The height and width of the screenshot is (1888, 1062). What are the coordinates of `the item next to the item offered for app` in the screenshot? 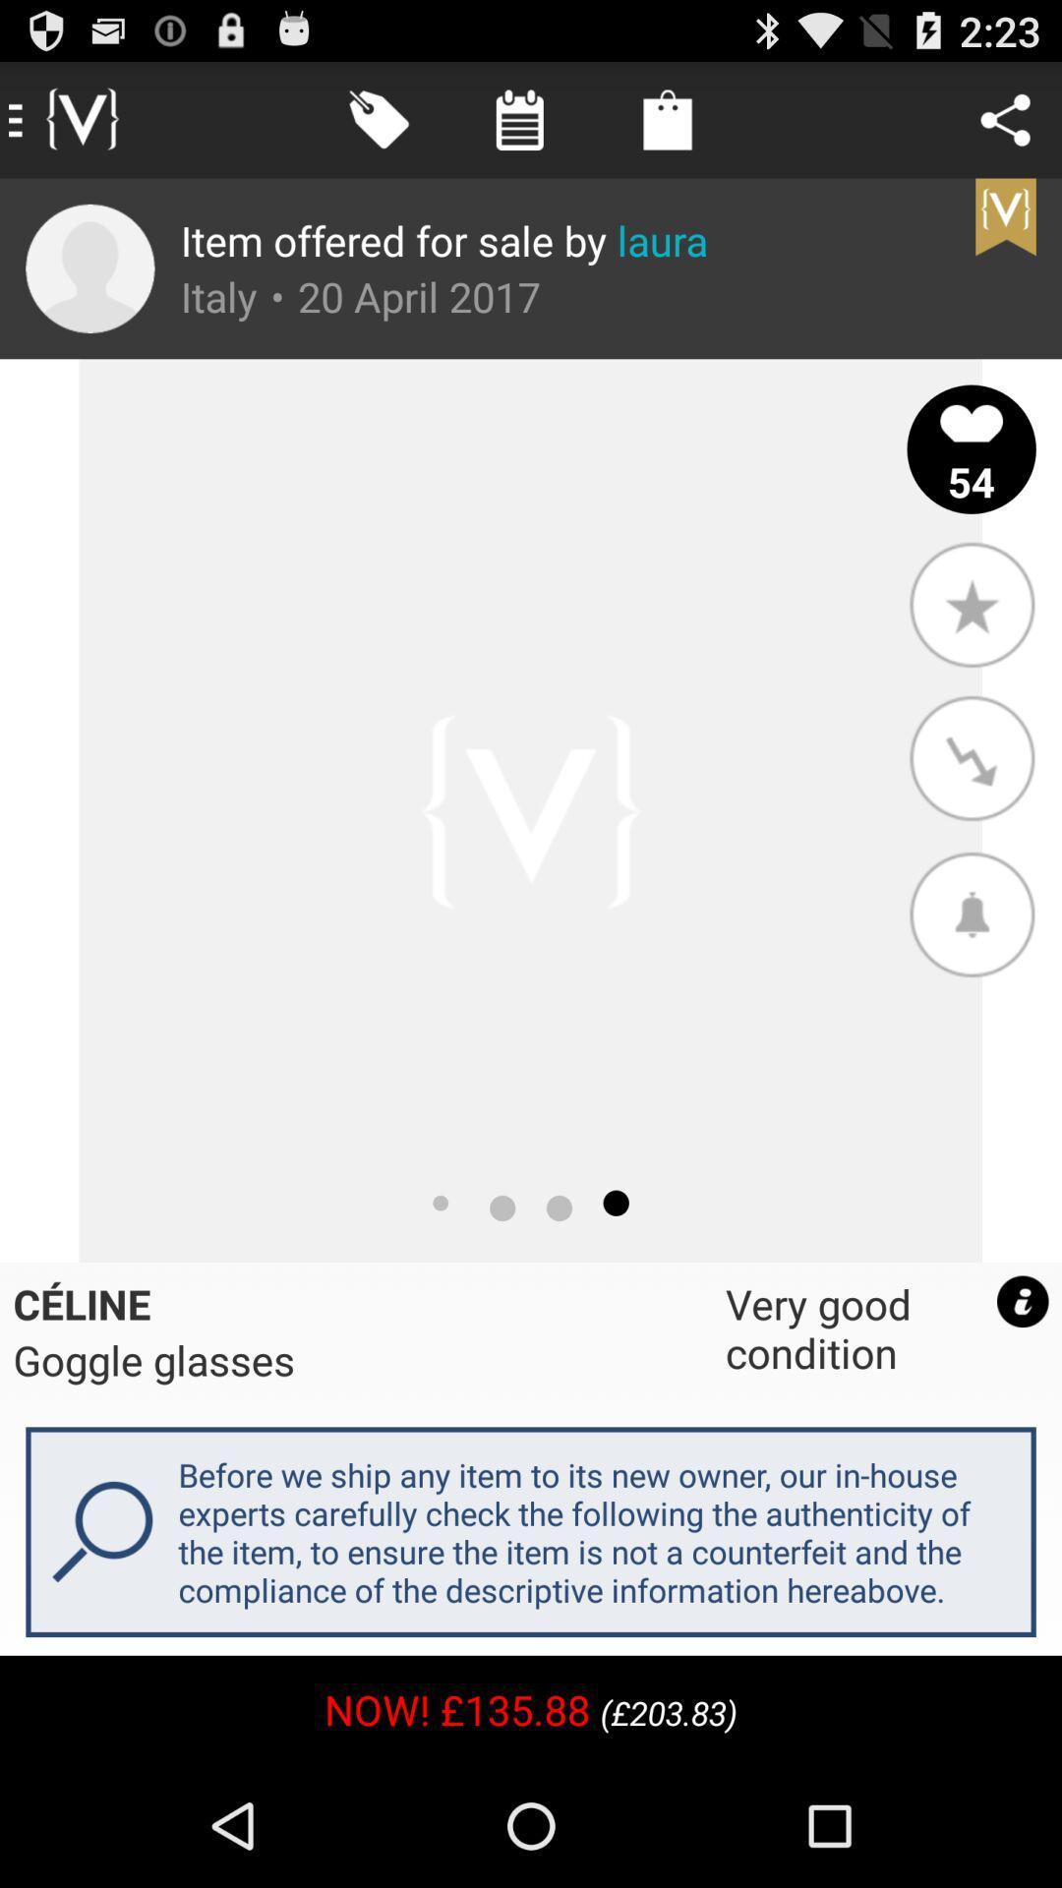 It's located at (89, 267).